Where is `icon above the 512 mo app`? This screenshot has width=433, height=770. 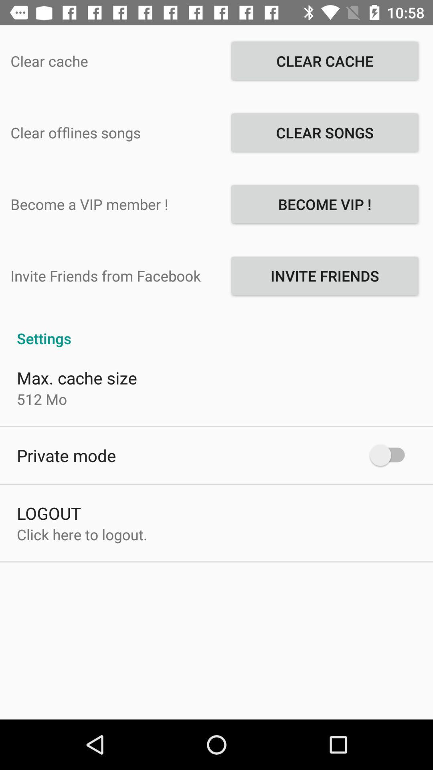 icon above the 512 mo app is located at coordinates (77, 377).